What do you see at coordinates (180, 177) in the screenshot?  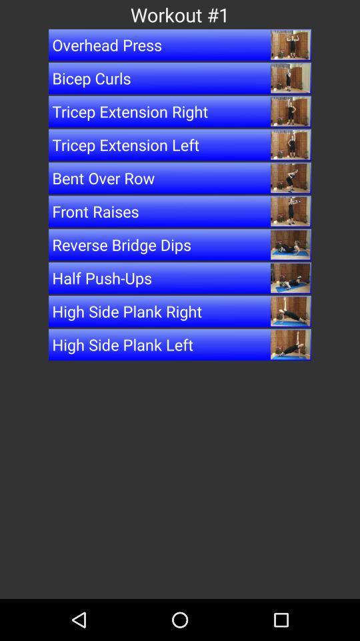 I see `the button below tricep extension left` at bounding box center [180, 177].